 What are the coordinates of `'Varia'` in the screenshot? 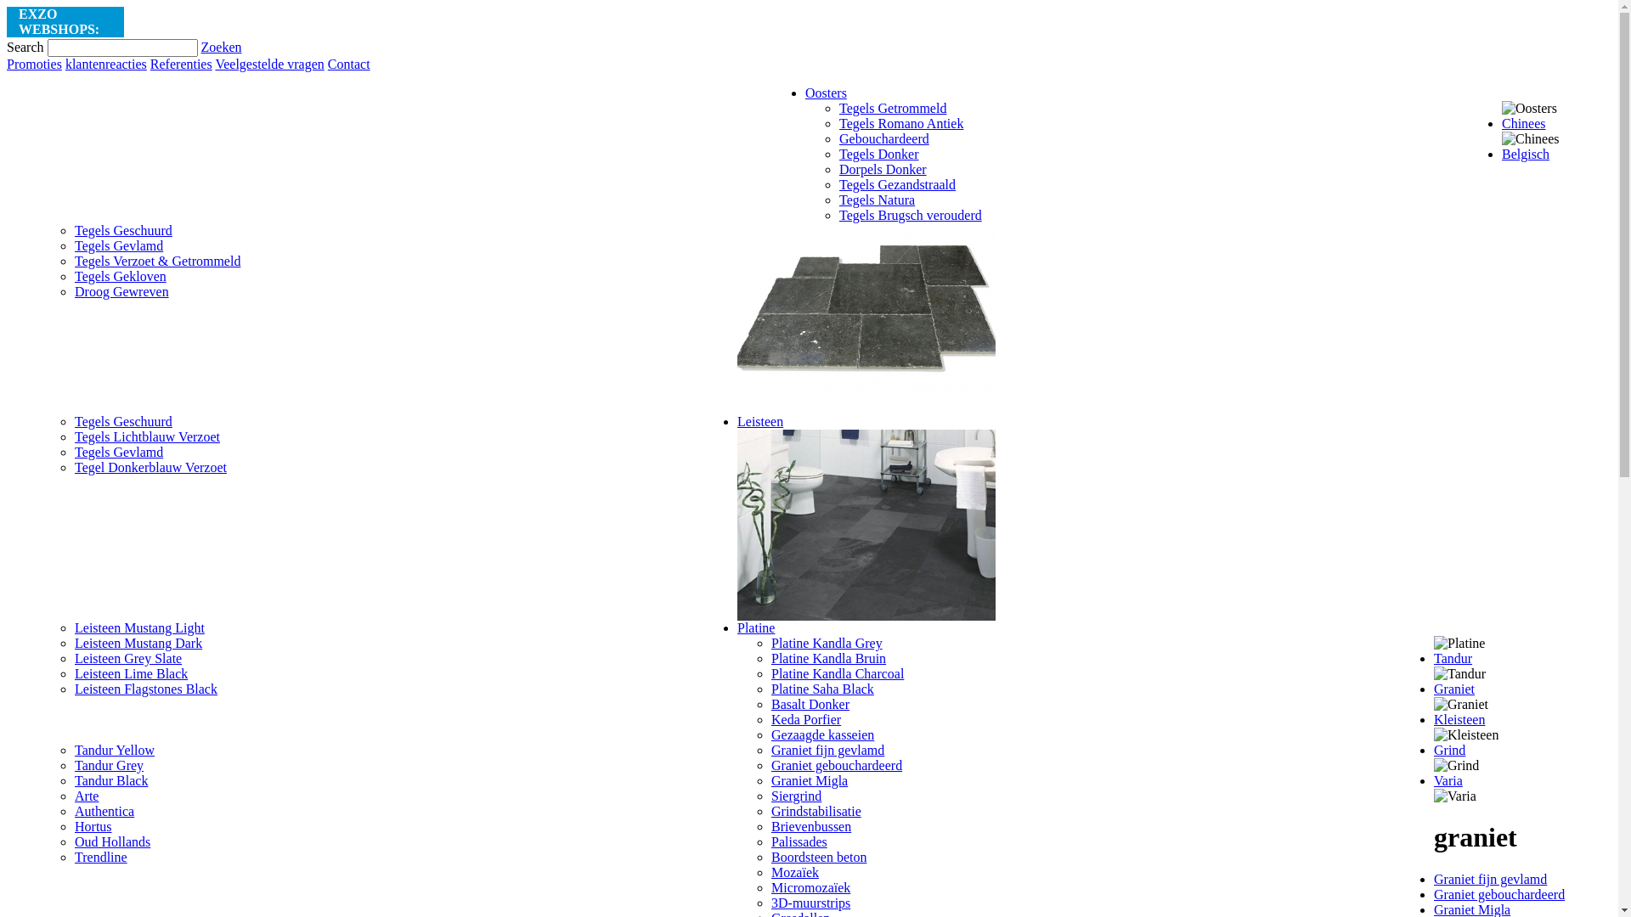 It's located at (1447, 780).